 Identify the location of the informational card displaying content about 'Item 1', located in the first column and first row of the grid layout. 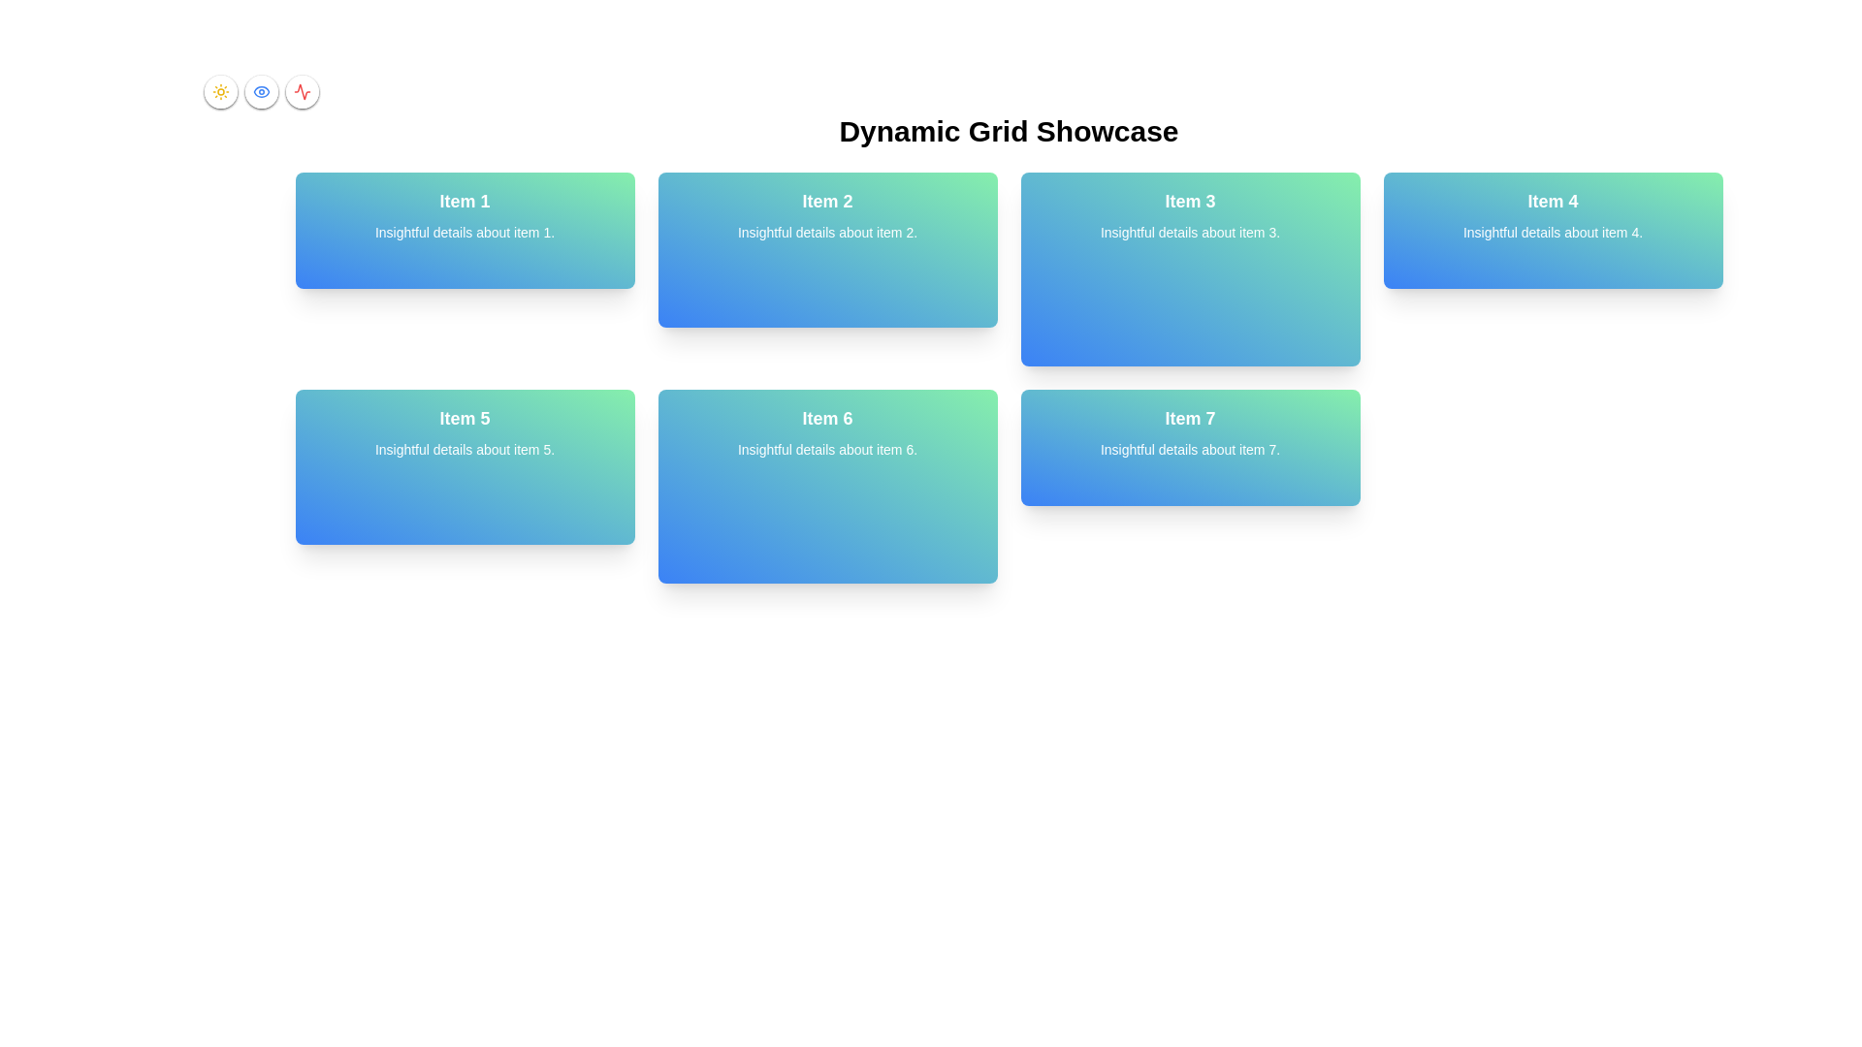
(464, 230).